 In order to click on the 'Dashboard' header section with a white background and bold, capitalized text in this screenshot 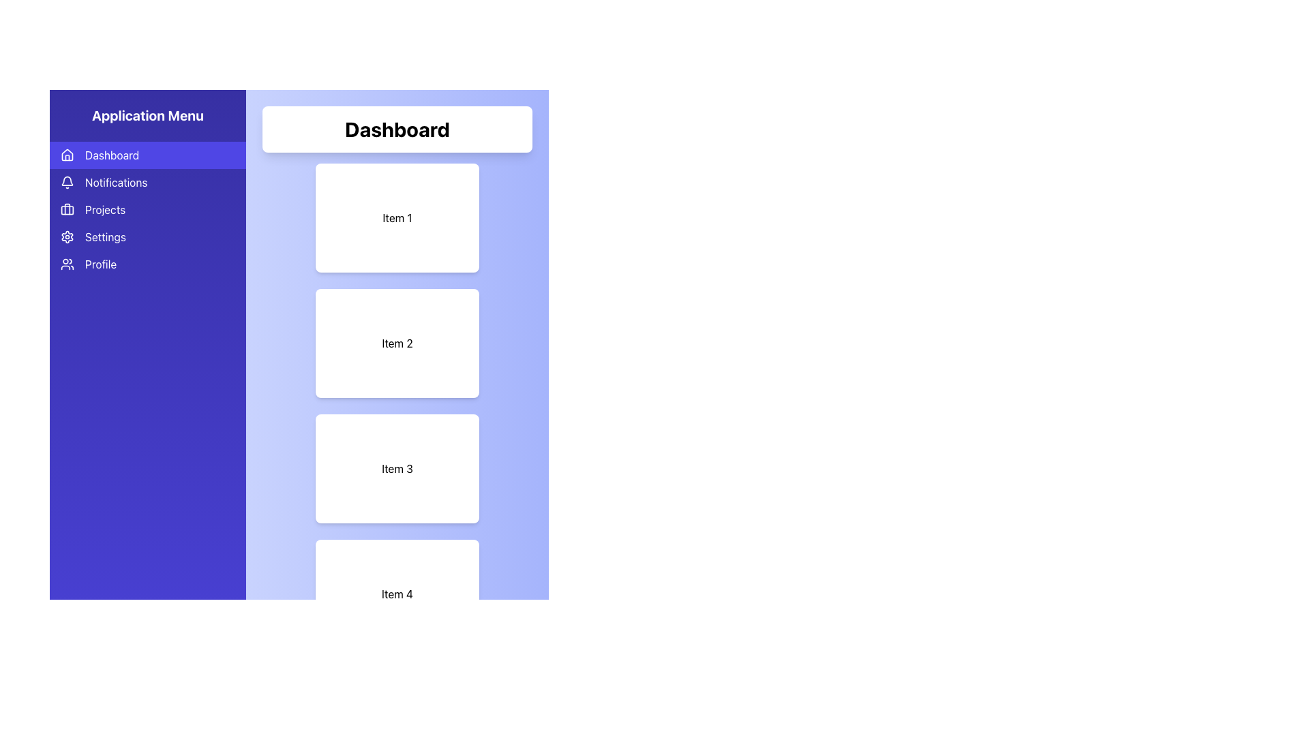, I will do `click(396, 129)`.